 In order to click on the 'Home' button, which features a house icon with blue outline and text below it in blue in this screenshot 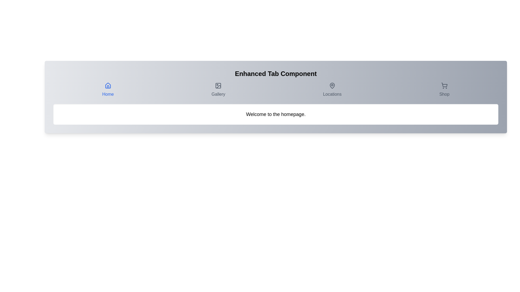, I will do `click(108, 89)`.